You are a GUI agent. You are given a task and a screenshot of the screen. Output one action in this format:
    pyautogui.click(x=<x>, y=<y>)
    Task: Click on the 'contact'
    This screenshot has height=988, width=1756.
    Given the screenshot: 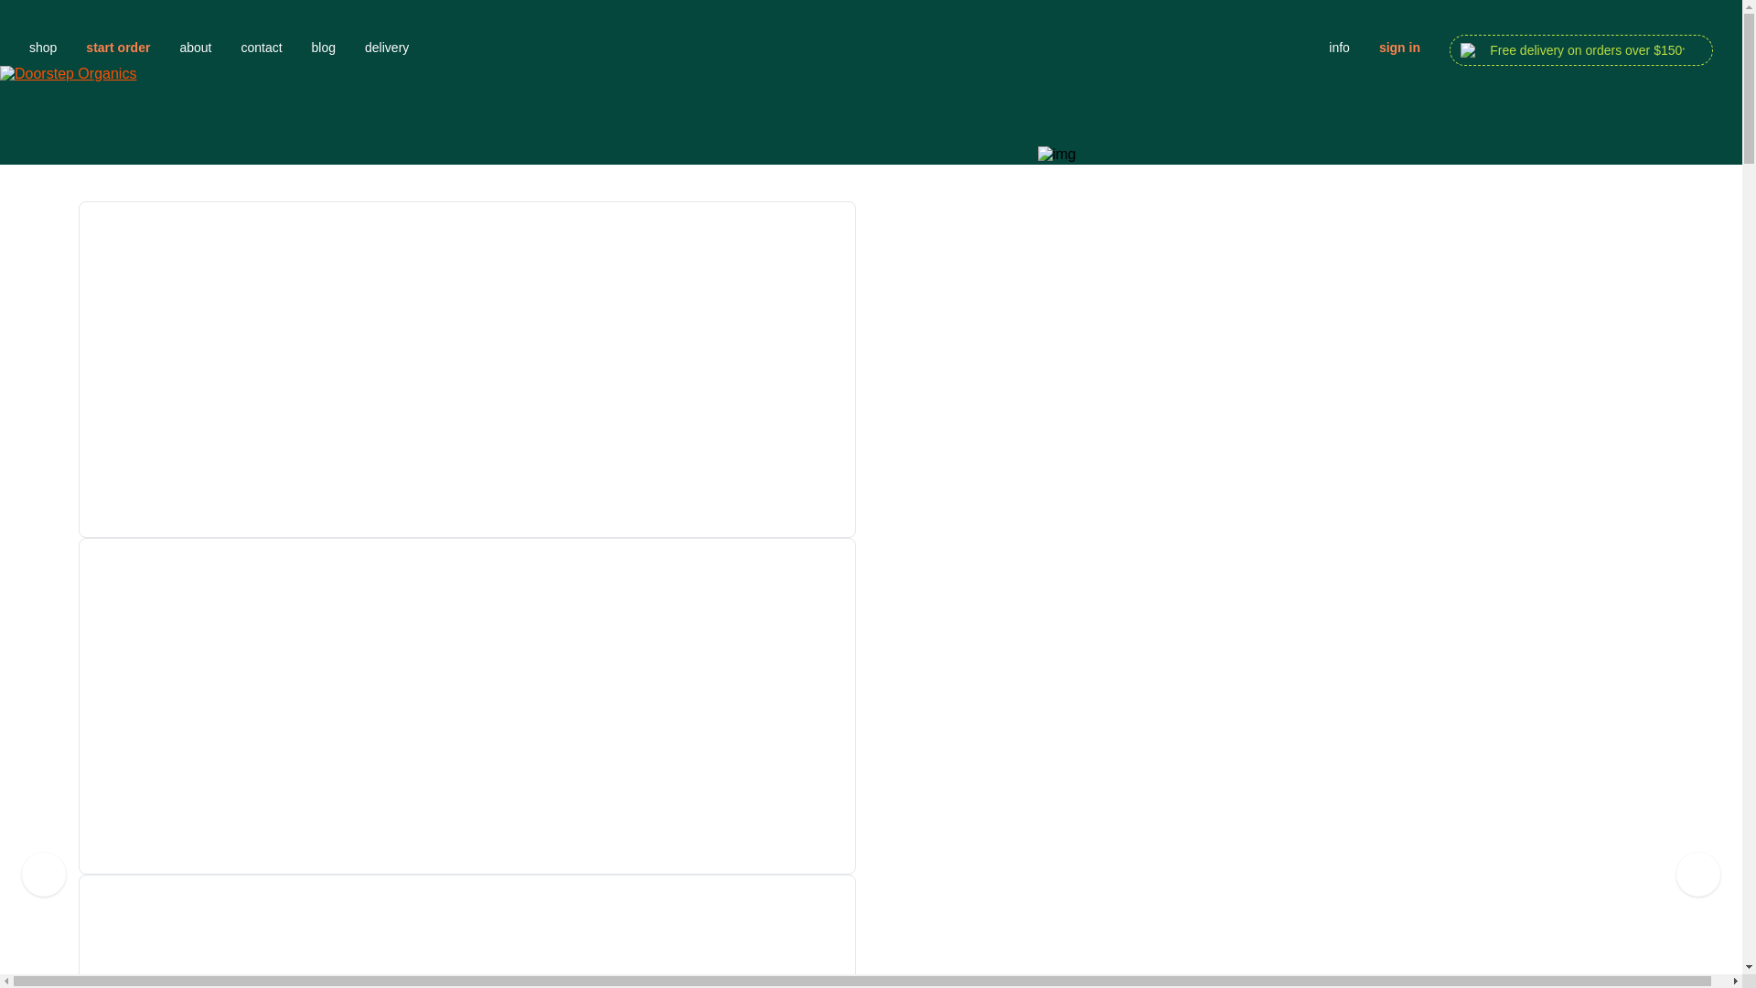 What is the action you would take?
    pyautogui.click(x=240, y=46)
    